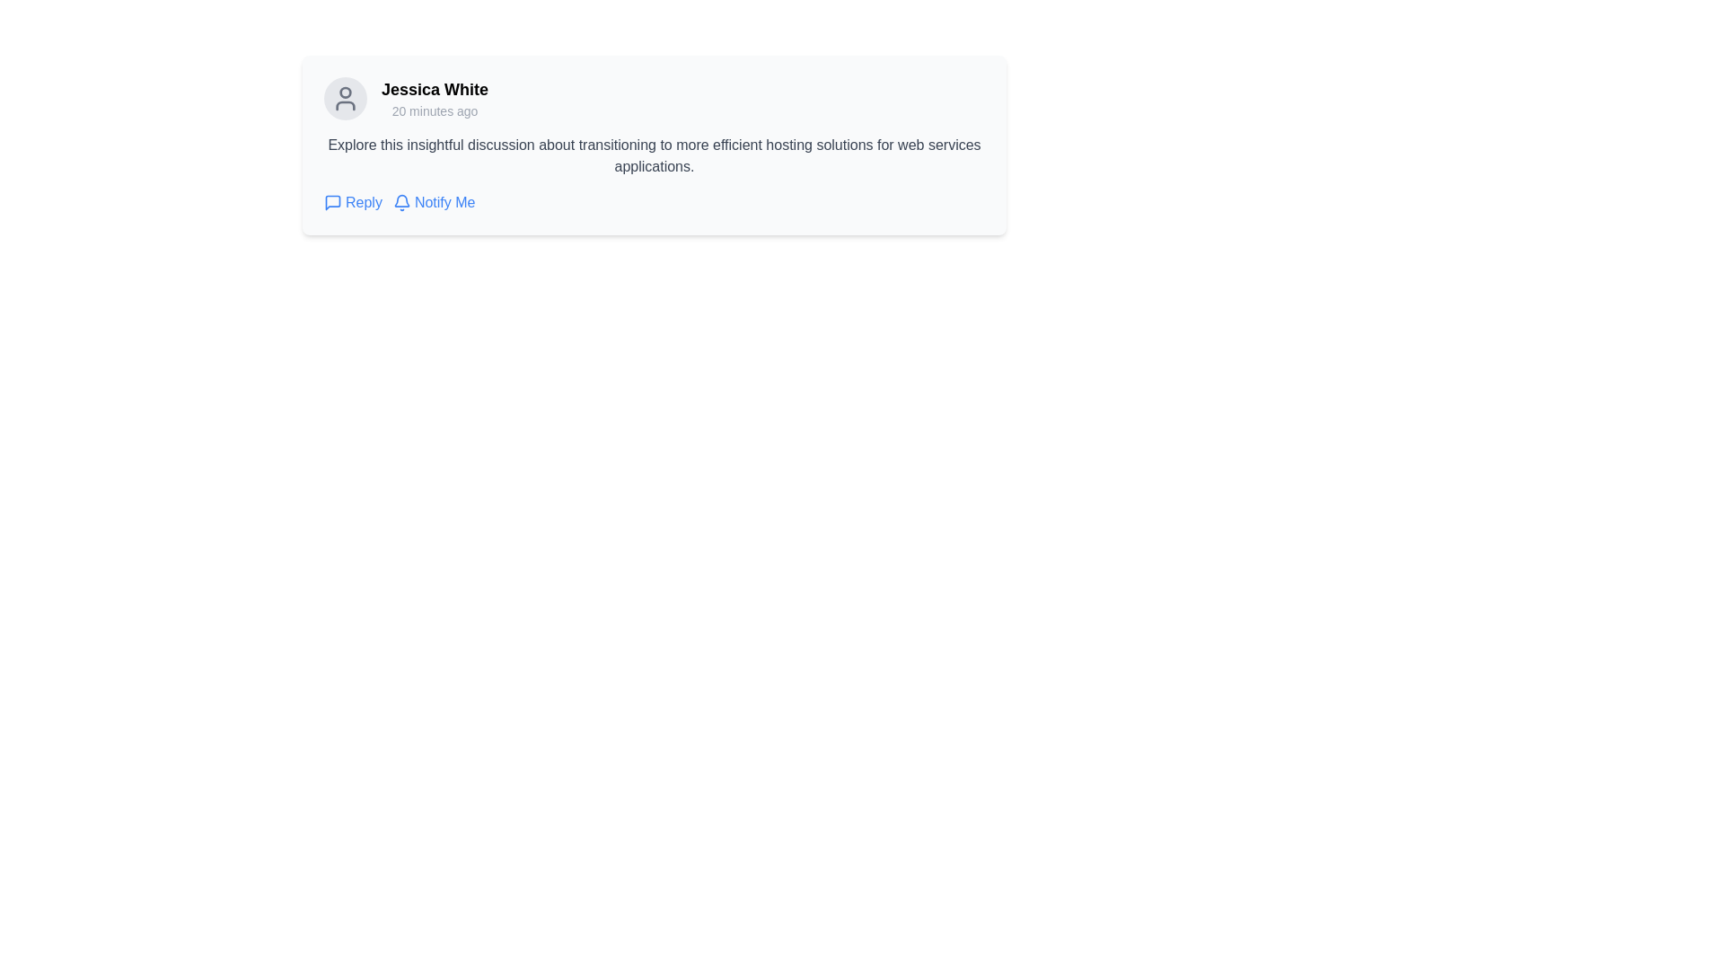 The width and height of the screenshot is (1724, 970). Describe the element at coordinates (345, 99) in the screenshot. I see `the circular user profile icon, which is a line drawing in medium gray against a light gray background` at that location.